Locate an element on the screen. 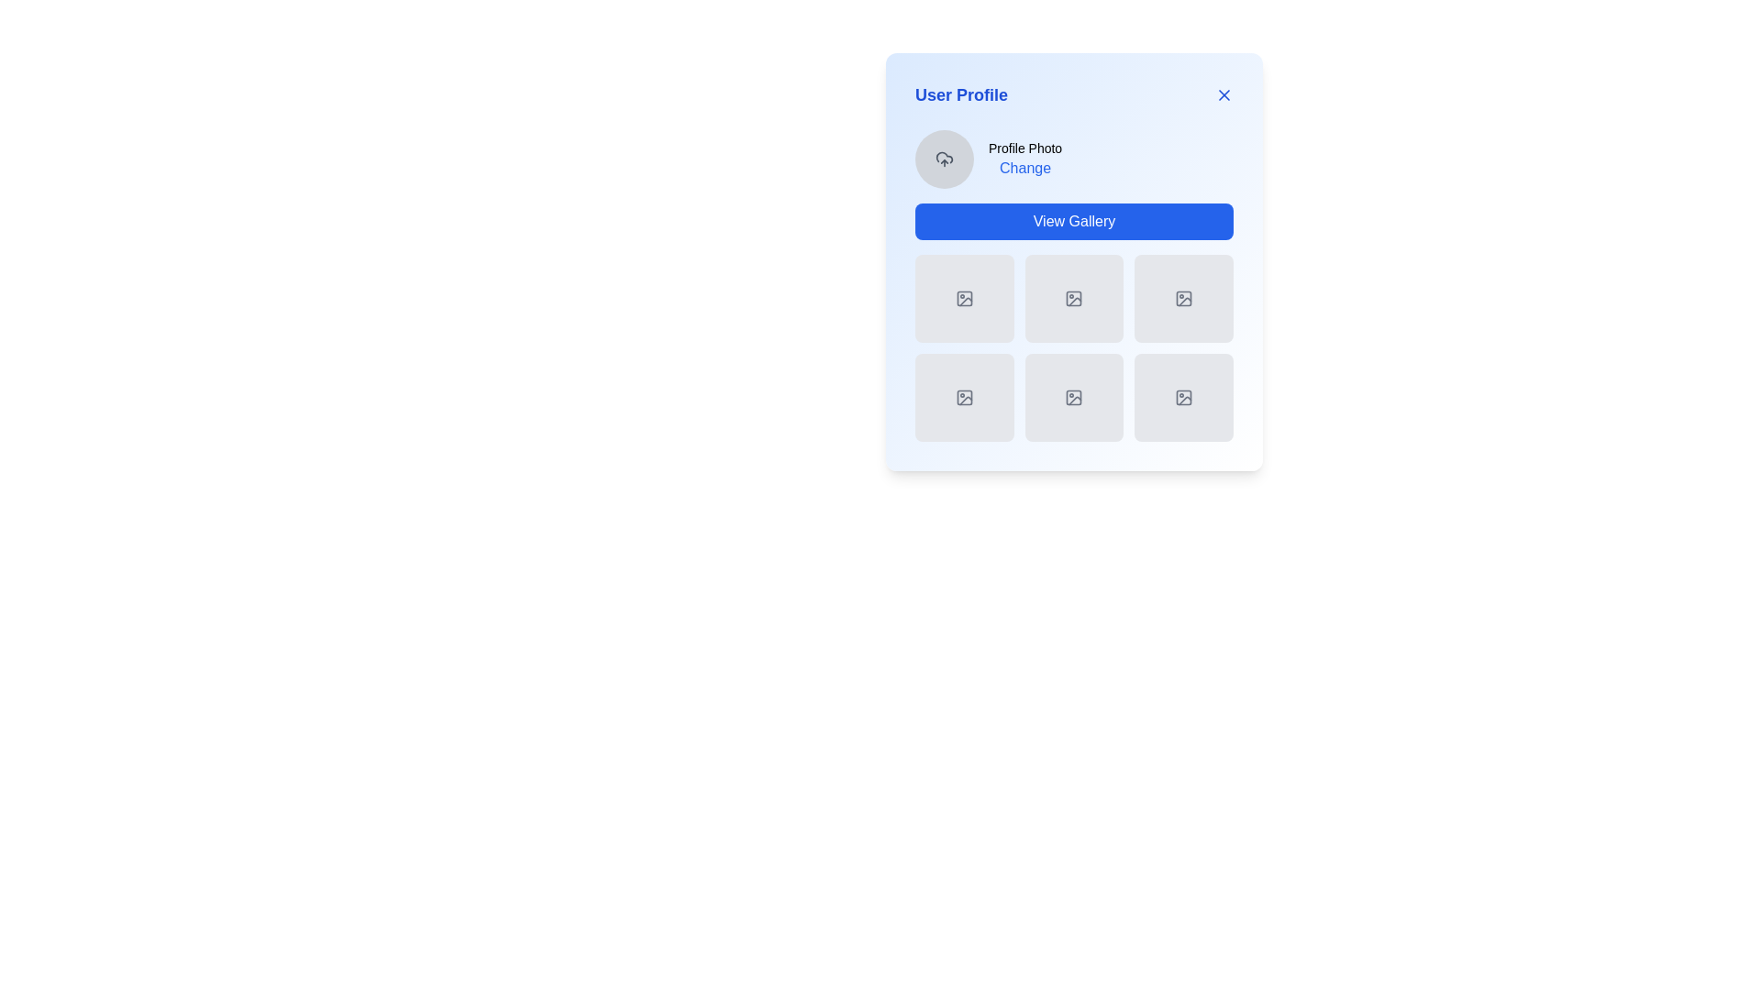 The image size is (1761, 990). the 'Change' textual link located is located at coordinates (1024, 169).